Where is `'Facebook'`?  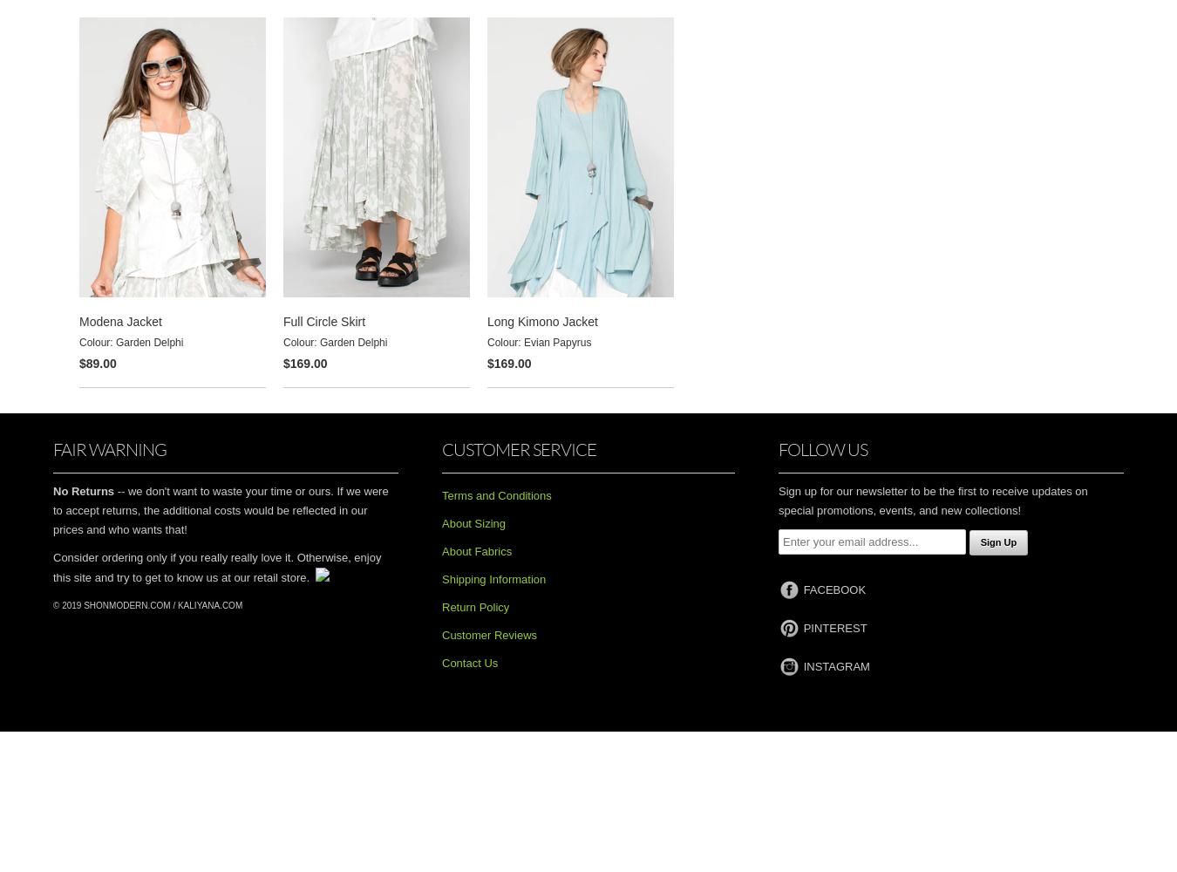 'Facebook' is located at coordinates (833, 589).